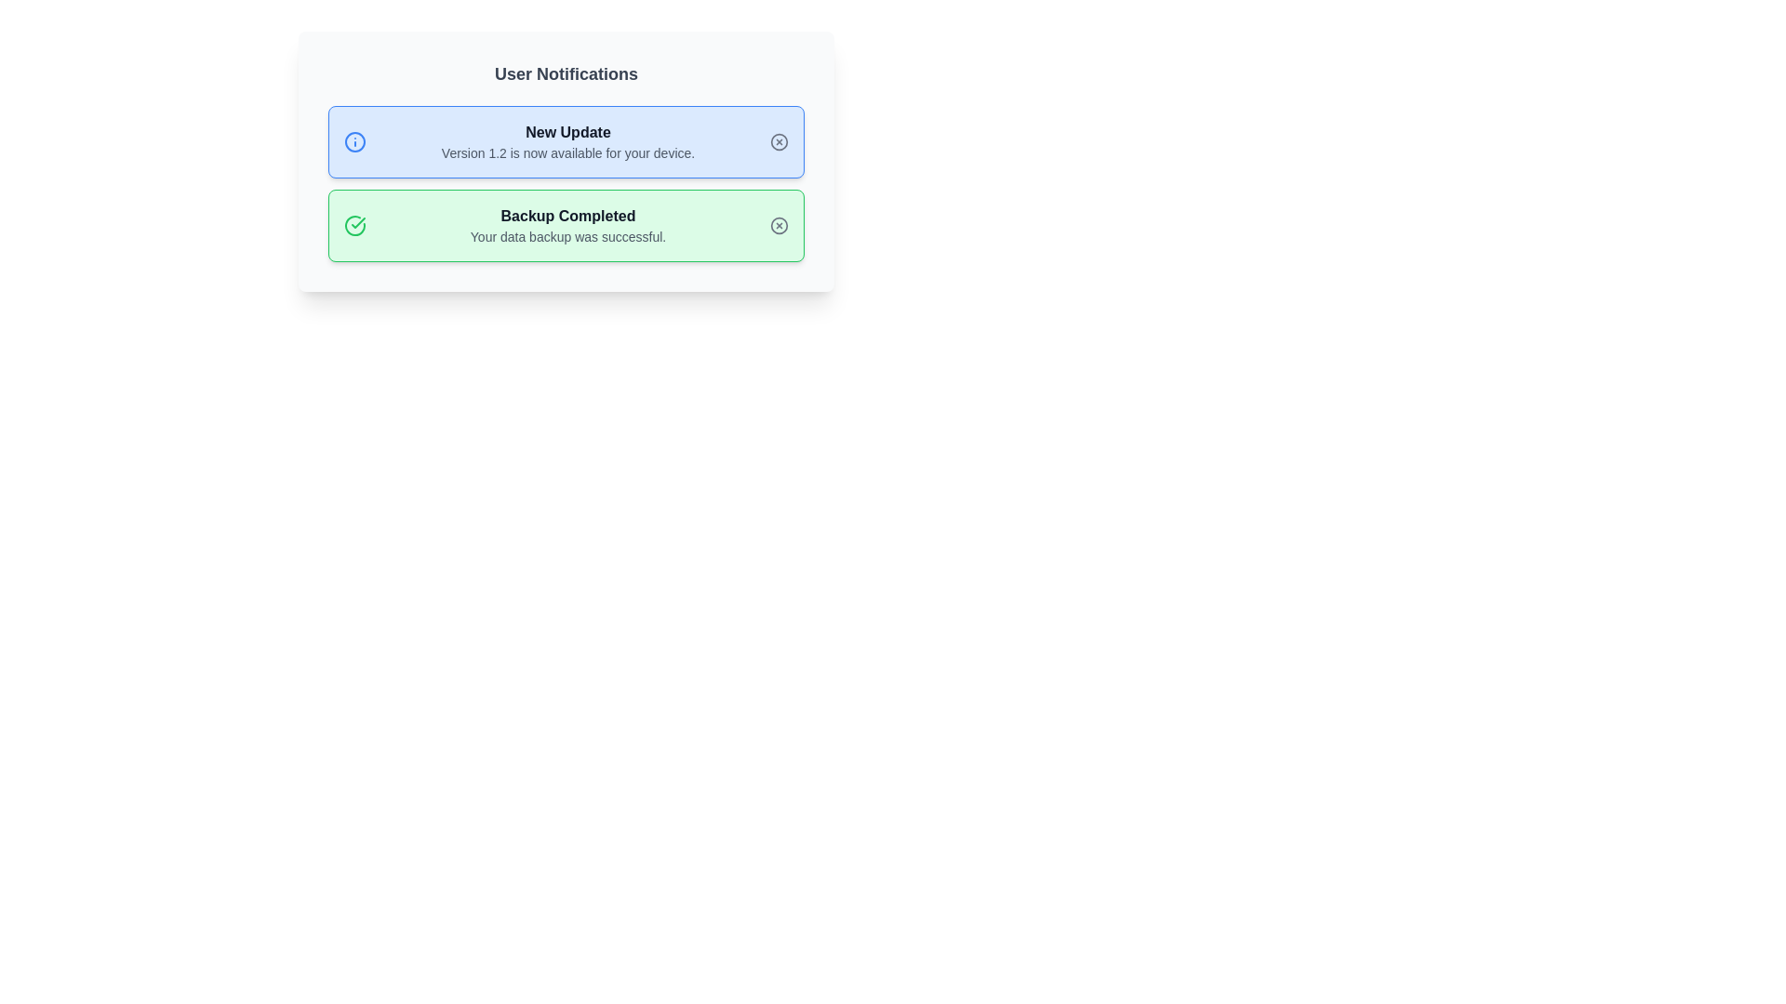 This screenshot has width=1786, height=1004. Describe the element at coordinates (566, 215) in the screenshot. I see `information provided by the text label displaying 'Backup Completed' in bold font and dark gray color, located on a green background area under the 'User Notifications' header` at that location.